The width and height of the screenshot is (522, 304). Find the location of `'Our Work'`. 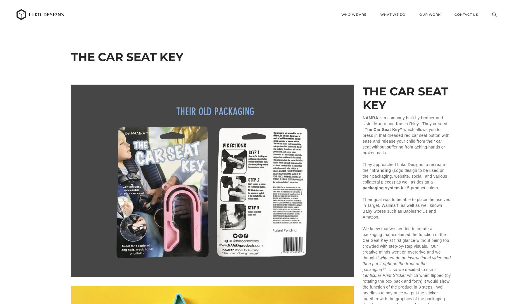

'Our Work' is located at coordinates (429, 14).